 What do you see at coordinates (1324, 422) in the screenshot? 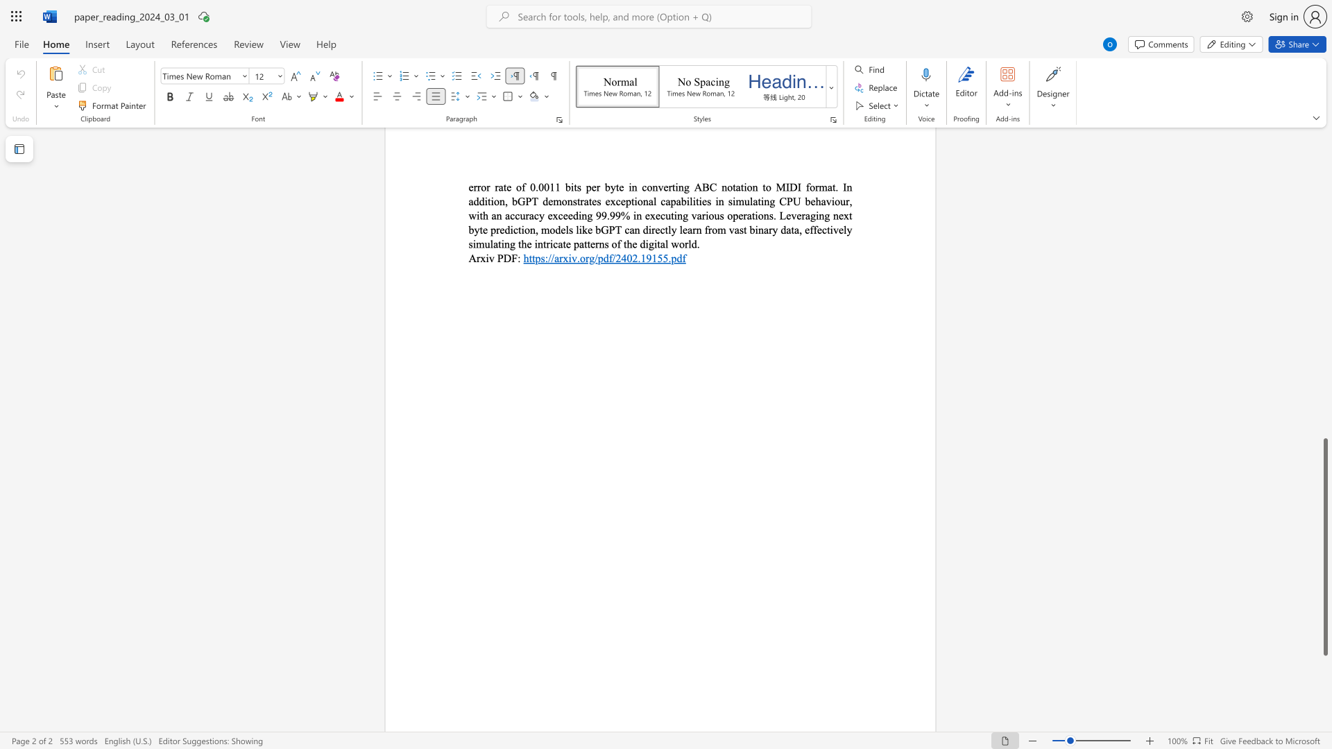
I see `the scrollbar to scroll the page up` at bounding box center [1324, 422].